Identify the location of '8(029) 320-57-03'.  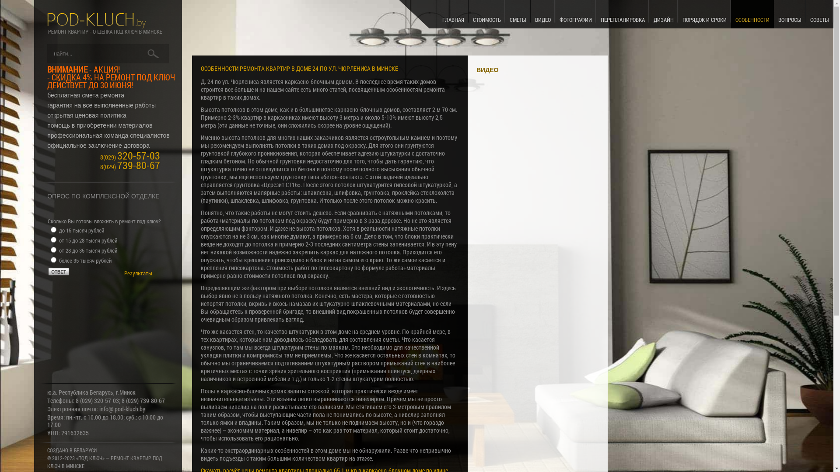
(100, 156).